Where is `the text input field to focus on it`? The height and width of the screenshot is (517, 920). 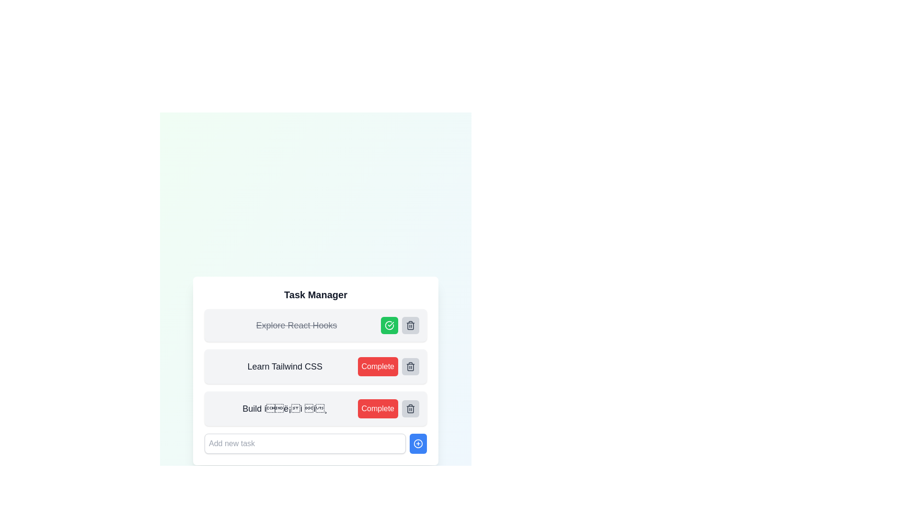
the text input field to focus on it is located at coordinates (305, 443).